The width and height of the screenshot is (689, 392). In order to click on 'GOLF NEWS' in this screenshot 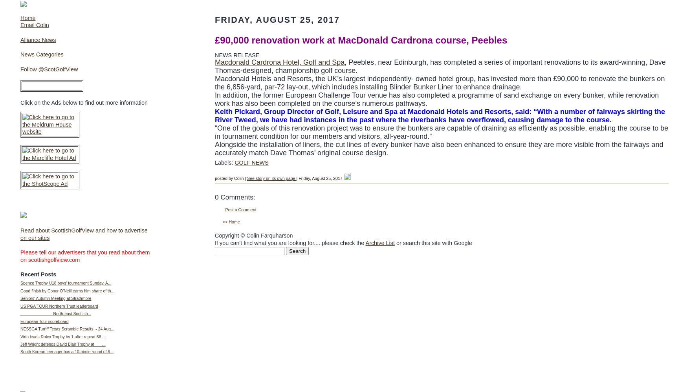, I will do `click(251, 163)`.